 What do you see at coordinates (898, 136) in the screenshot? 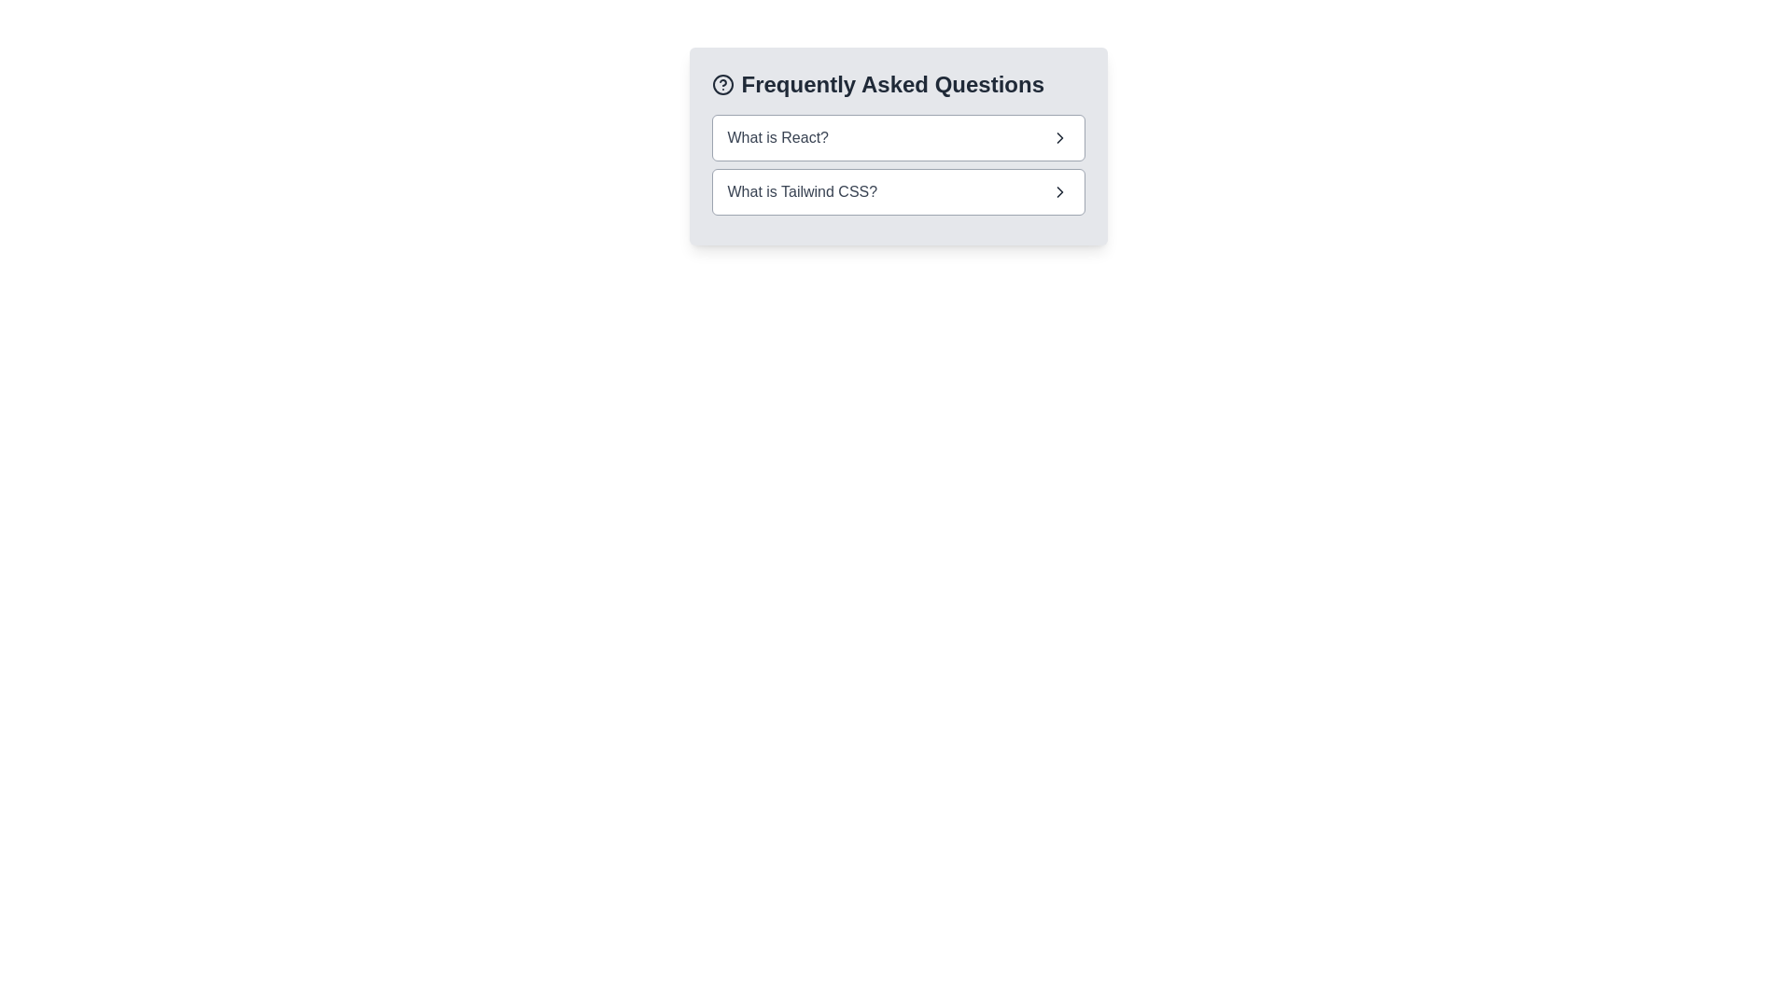
I see `the FAQ button-like list item that reveals more information about 'What is React?'` at bounding box center [898, 136].